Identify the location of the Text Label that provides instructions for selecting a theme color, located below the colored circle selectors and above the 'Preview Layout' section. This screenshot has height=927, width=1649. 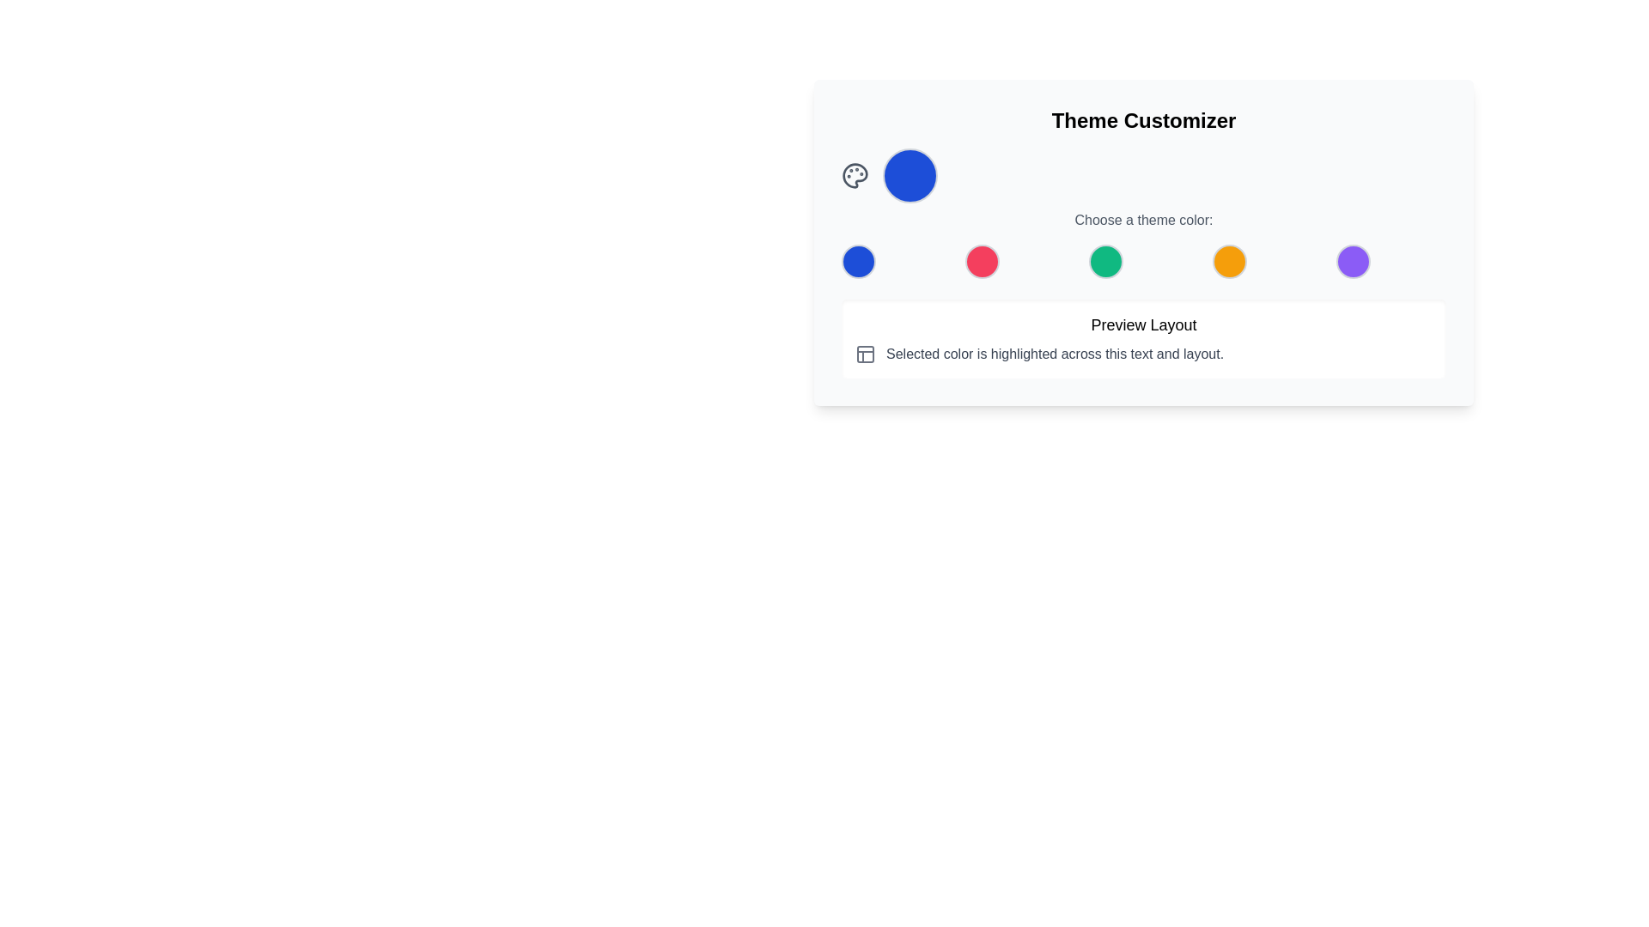
(1143, 220).